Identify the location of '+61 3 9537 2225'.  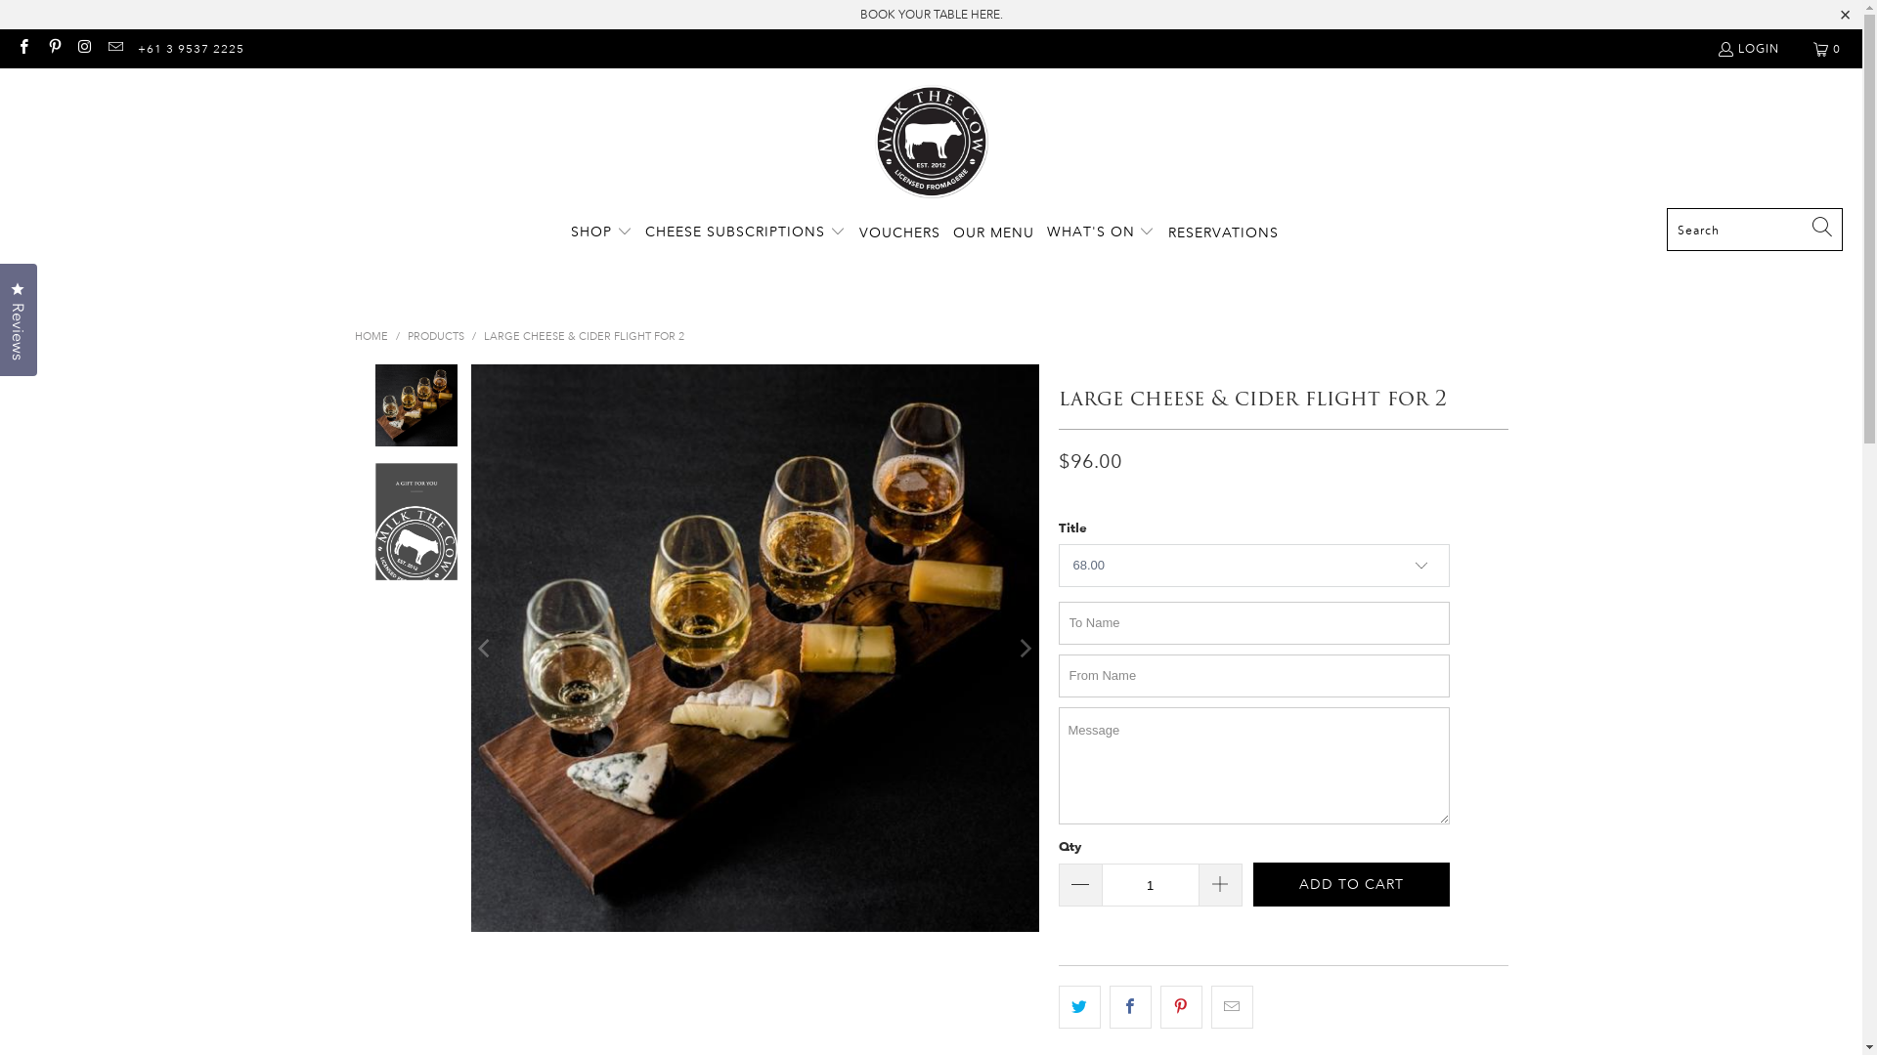
(136, 48).